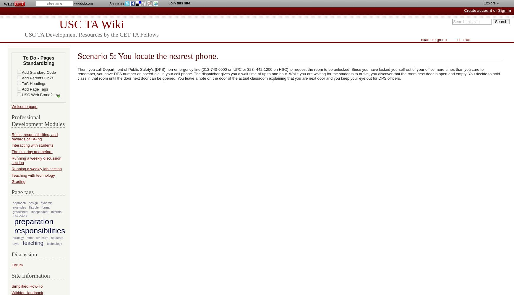  I want to click on 'students', so click(57, 237).